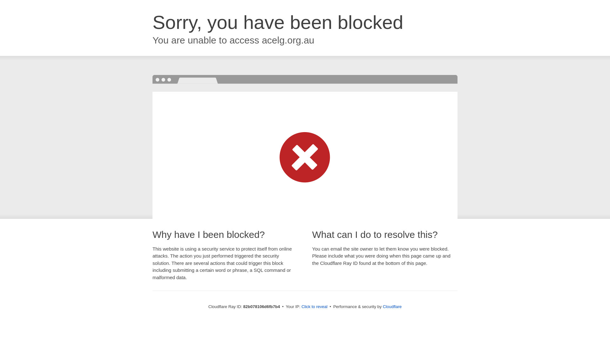 The height and width of the screenshot is (343, 610). Describe the element at coordinates (382, 306) in the screenshot. I see `'Cloudflare'` at that location.